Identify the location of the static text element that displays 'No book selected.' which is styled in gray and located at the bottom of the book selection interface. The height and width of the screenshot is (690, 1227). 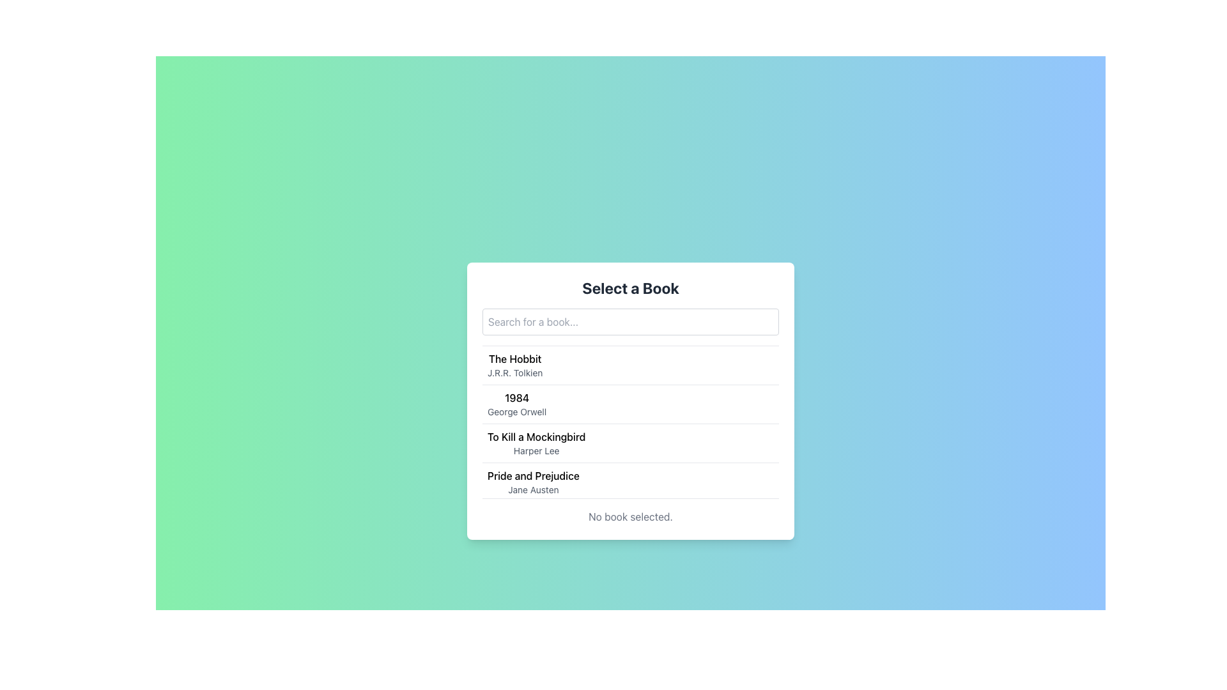
(631, 516).